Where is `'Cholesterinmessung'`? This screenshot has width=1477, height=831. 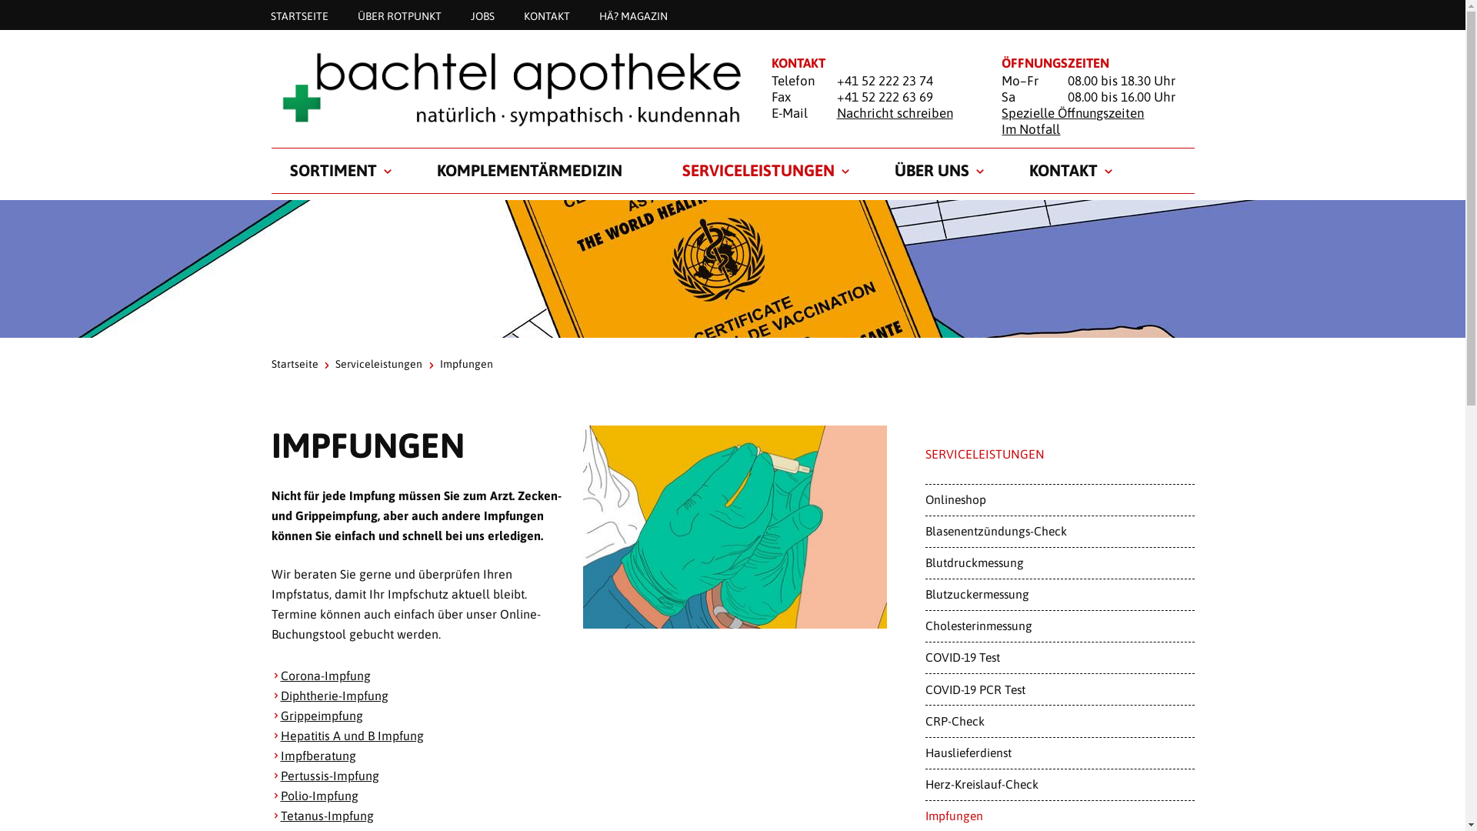 'Cholesterinmessung' is located at coordinates (1059, 626).